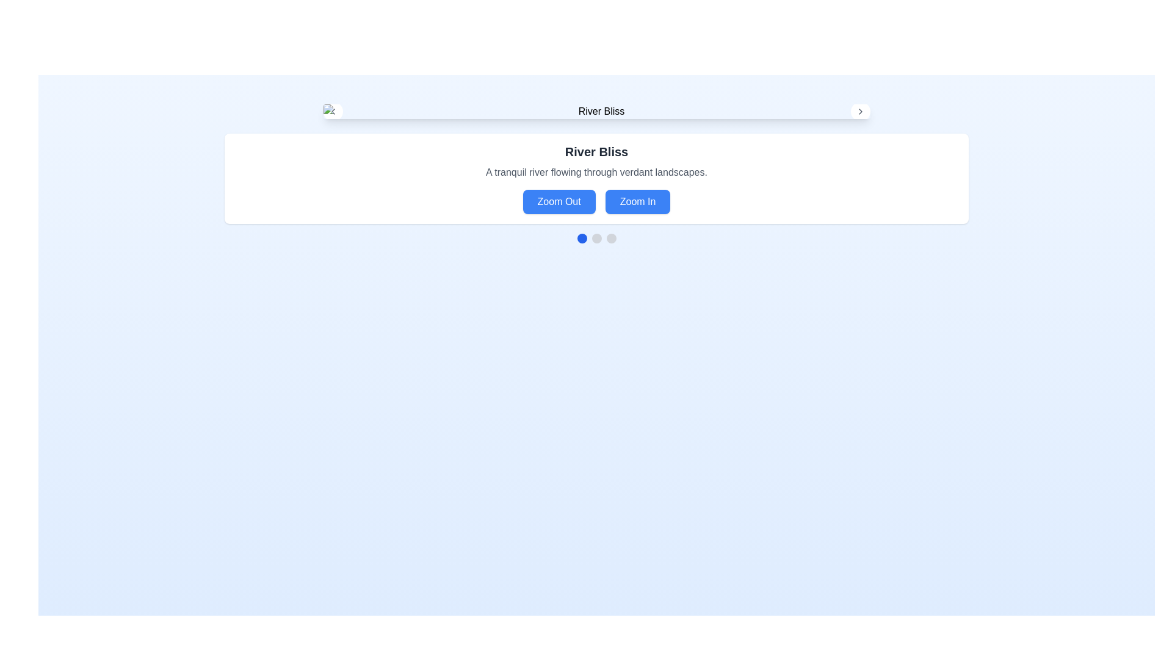  What do you see at coordinates (581, 238) in the screenshot?
I see `the leftmost circular indicator button in the group below the 'Zoom Out' and 'Zoom In' buttons` at bounding box center [581, 238].